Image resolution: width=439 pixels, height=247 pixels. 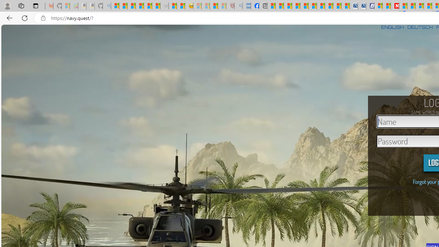 What do you see at coordinates (230, 6) in the screenshot?
I see `'Robert H. Shmerling, MD - Harvard Health - Sleeping'` at bounding box center [230, 6].